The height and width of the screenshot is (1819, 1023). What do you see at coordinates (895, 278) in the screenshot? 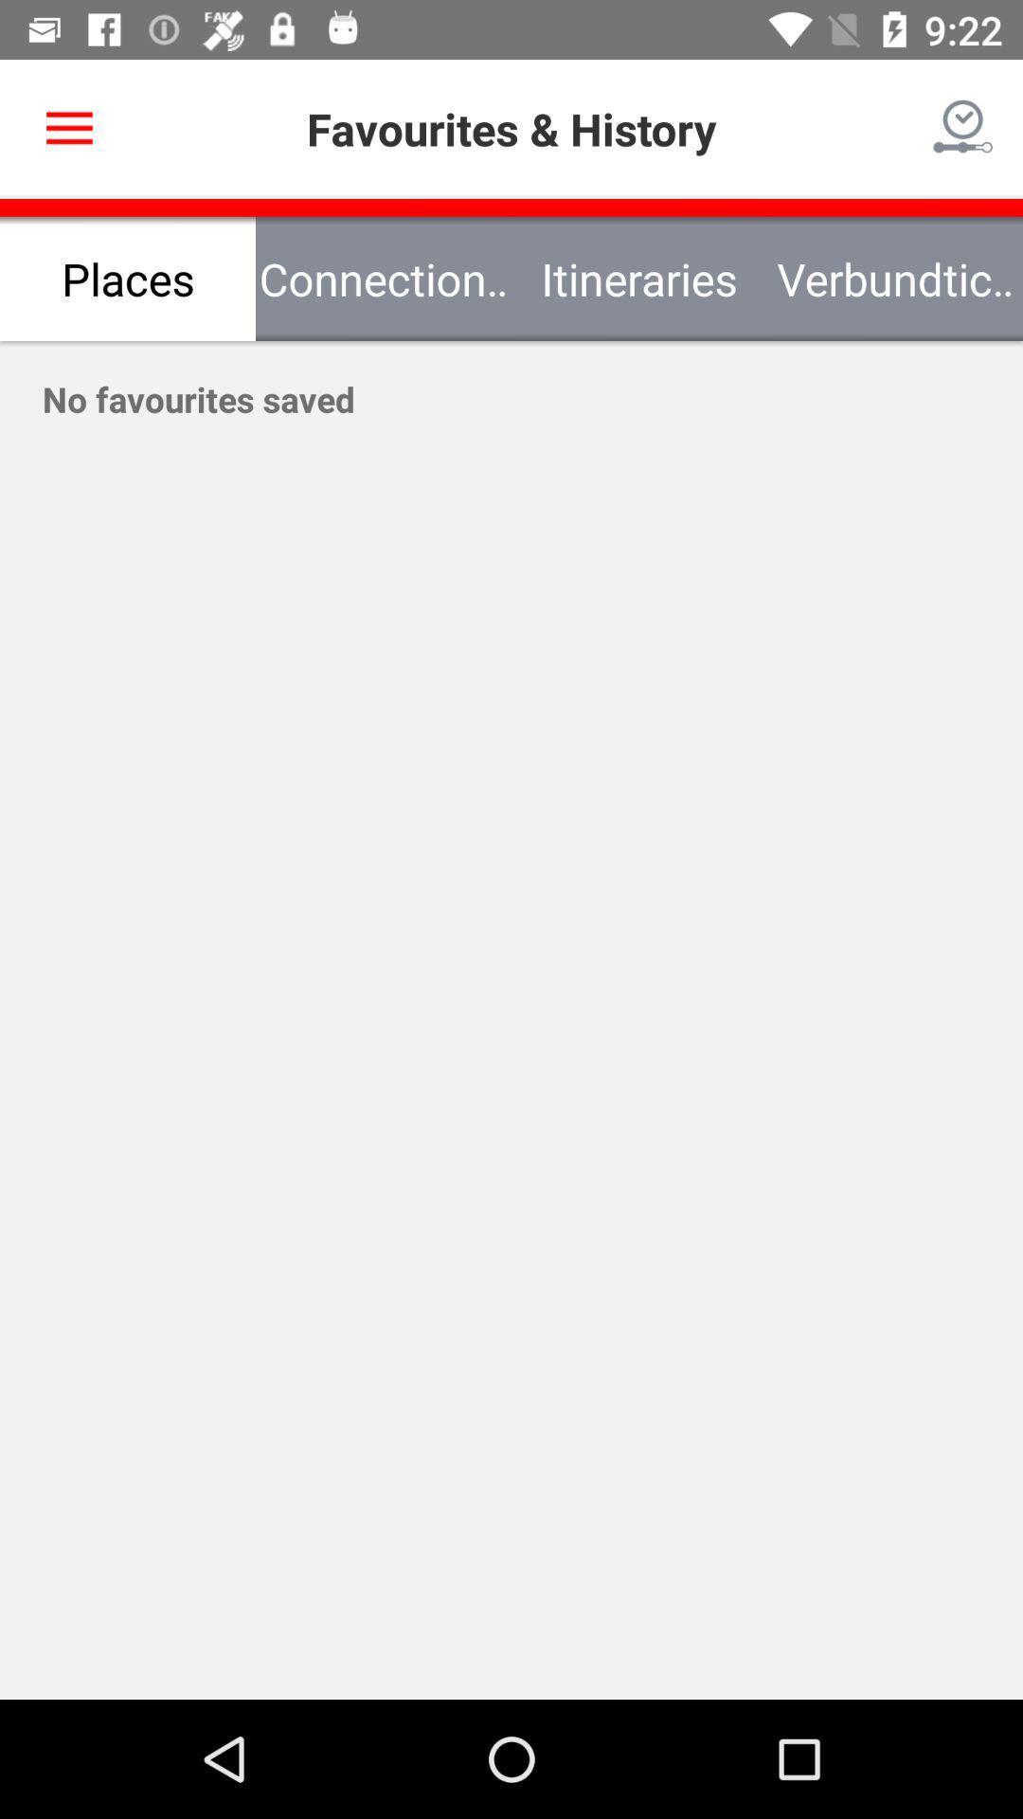
I see `the icon to the right of itineraries item` at bounding box center [895, 278].